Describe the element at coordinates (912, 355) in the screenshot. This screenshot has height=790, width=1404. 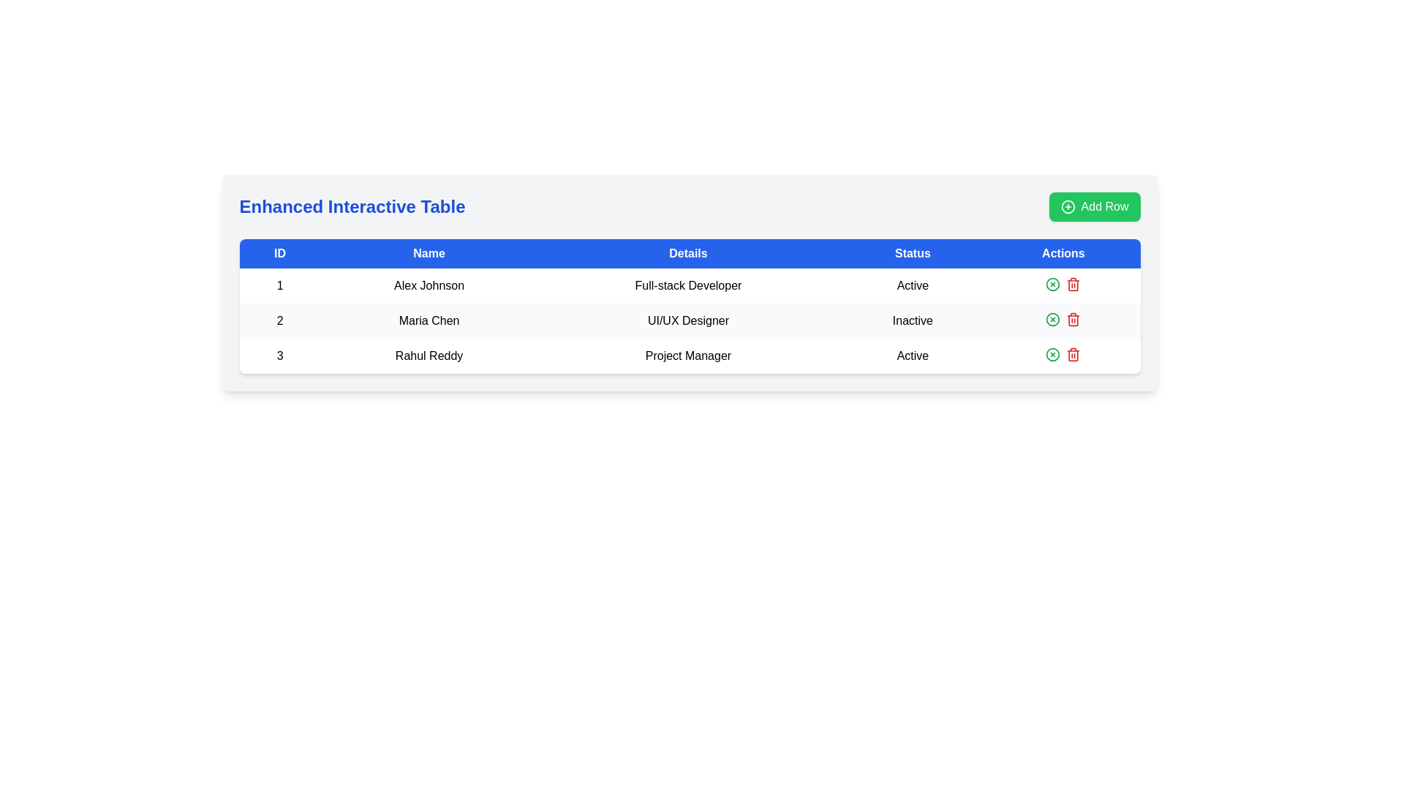
I see `the text label displaying 'Active' in the 'Status' column of the table, adjacent to 'Project Manager'` at that location.